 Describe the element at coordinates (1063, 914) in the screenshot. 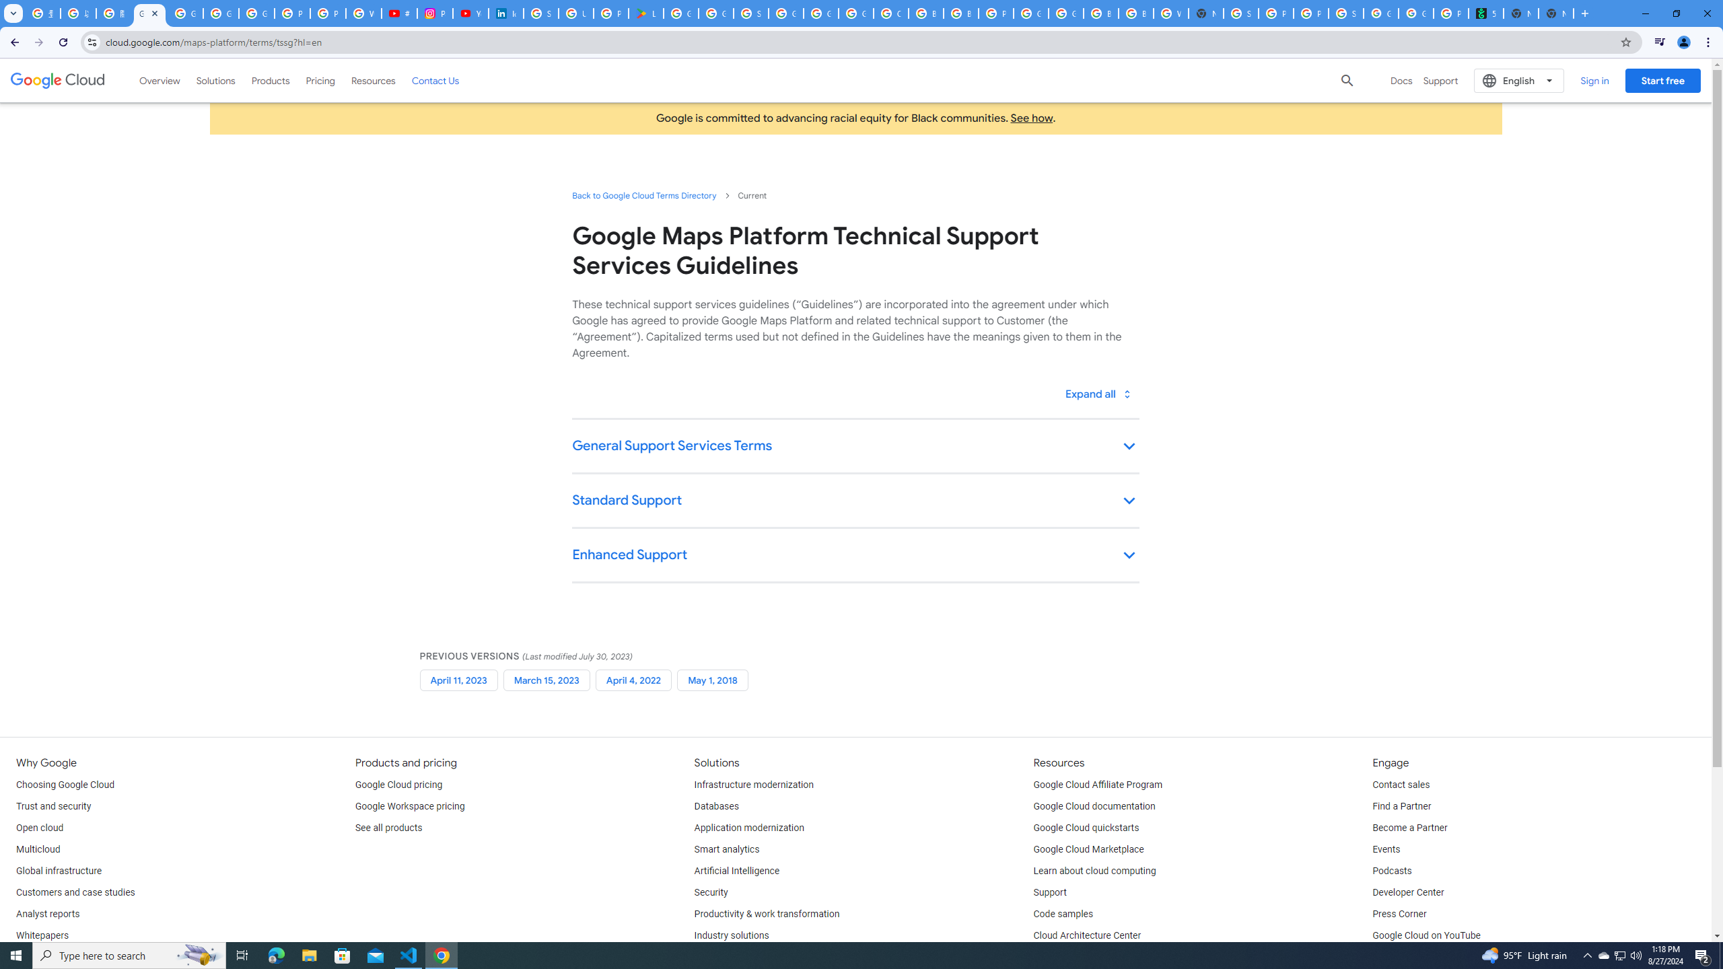

I see `'Code samples'` at that location.